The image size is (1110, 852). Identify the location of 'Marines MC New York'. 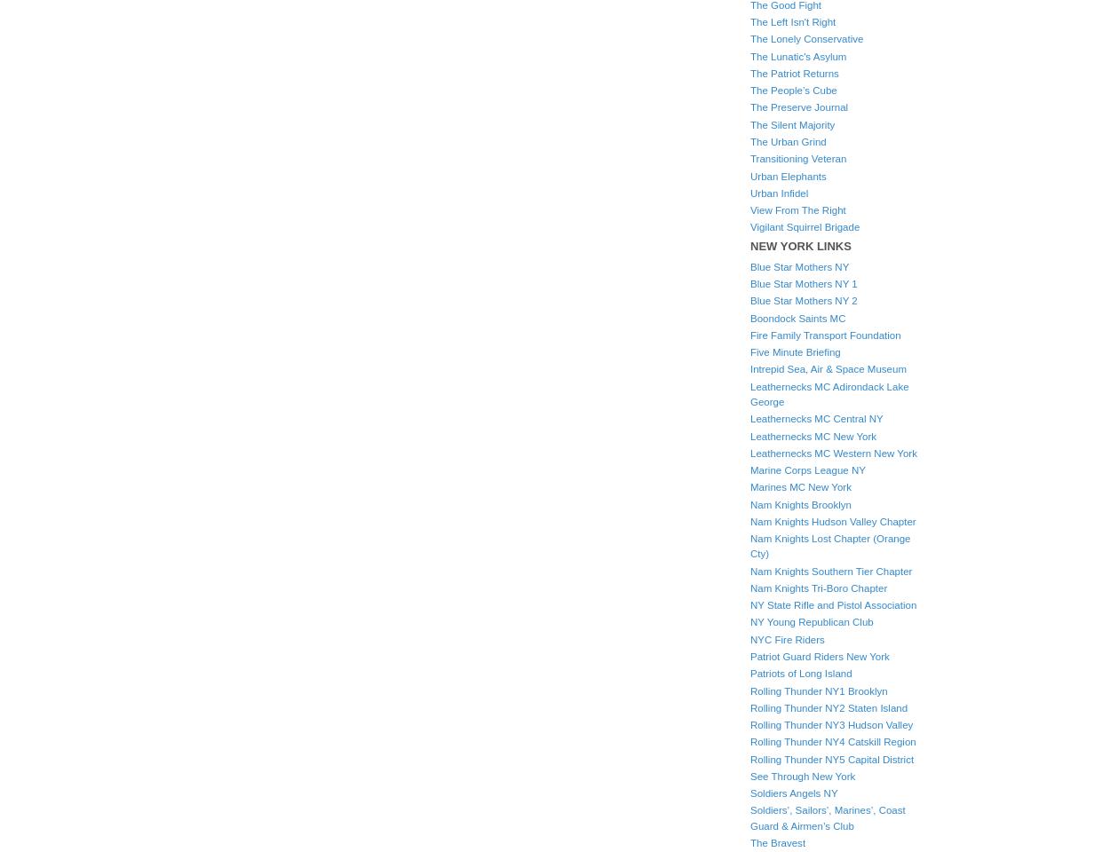
(800, 487).